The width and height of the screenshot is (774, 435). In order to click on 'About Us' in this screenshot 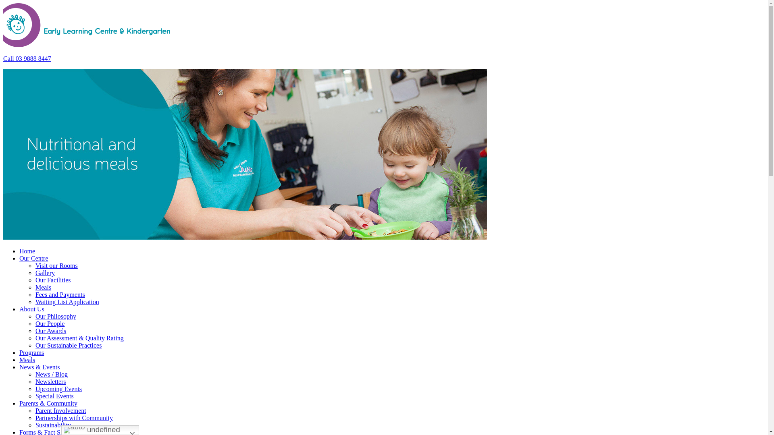, I will do `click(31, 309)`.